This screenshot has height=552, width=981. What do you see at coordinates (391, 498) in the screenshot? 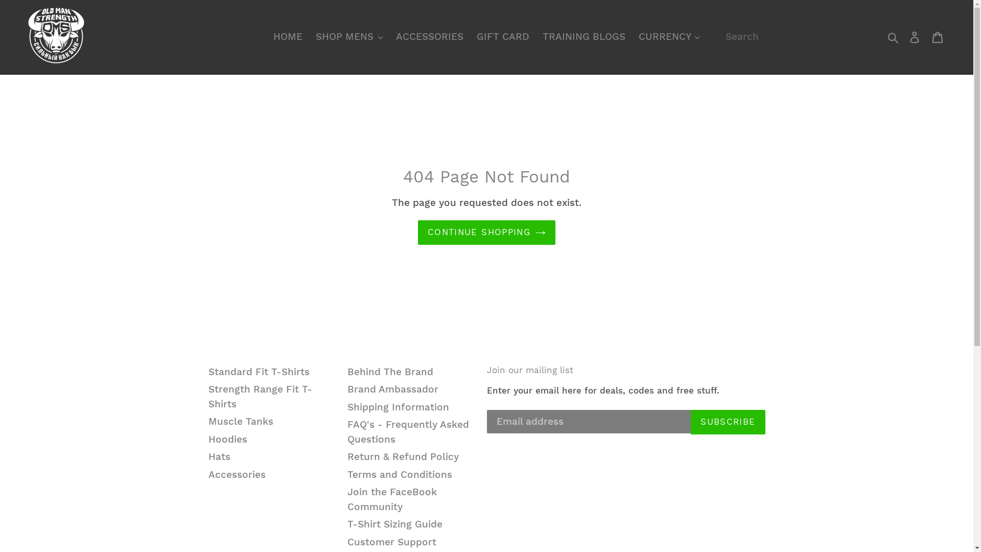
I see `'Join the FaceBook Community'` at bounding box center [391, 498].